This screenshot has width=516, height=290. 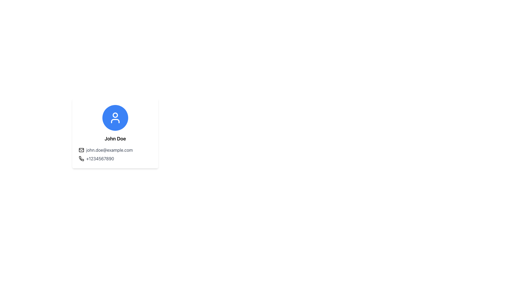 I want to click on the smaller circle inside the larger user profile icon at the top center of the interface, so click(x=115, y=115).